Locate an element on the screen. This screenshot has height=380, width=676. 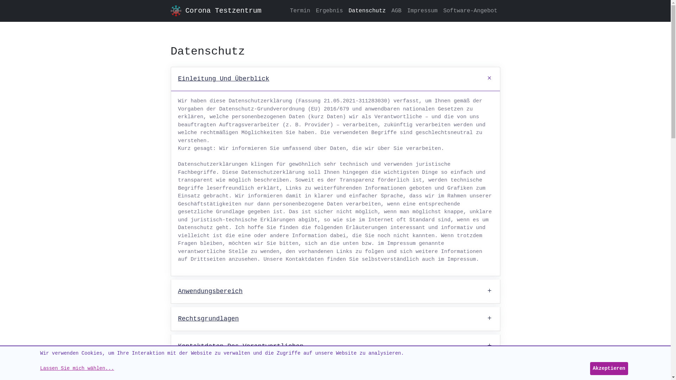
'Datenschutz' is located at coordinates (346, 11).